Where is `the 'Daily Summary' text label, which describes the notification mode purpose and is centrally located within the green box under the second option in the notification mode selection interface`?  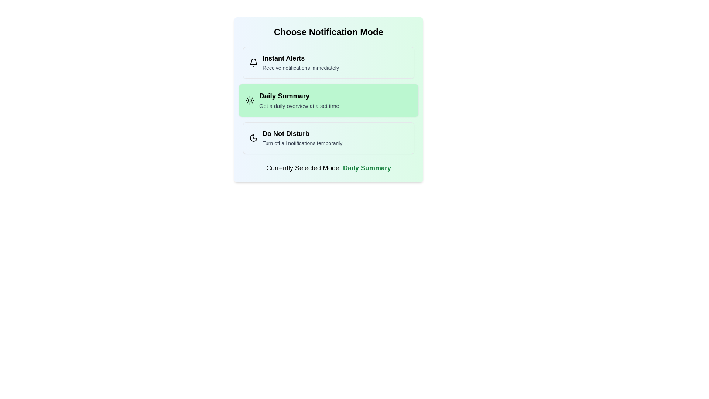 the 'Daily Summary' text label, which describes the notification mode purpose and is centrally located within the green box under the second option in the notification mode selection interface is located at coordinates (299, 106).